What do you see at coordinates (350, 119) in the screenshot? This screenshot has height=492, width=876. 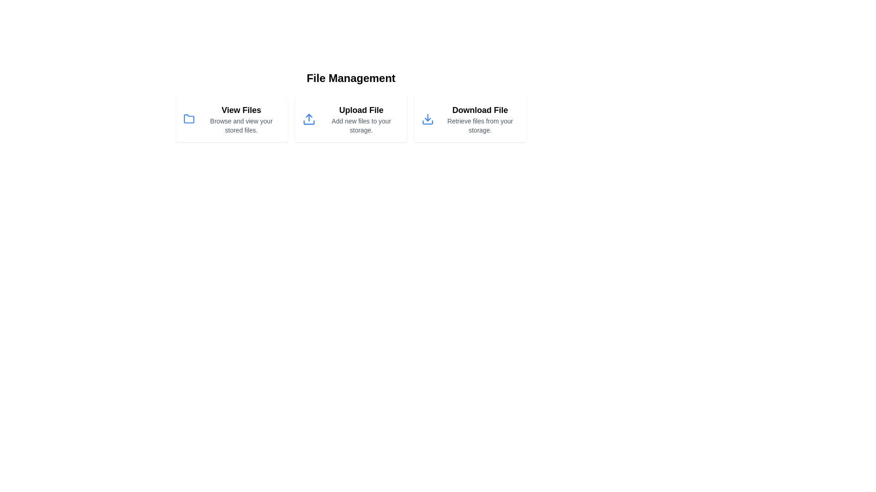 I see `the 'Upload File' section in the Grid menu with action buttons, which is located below the 'File Management' title and structured in a three-column grid format` at bounding box center [350, 119].